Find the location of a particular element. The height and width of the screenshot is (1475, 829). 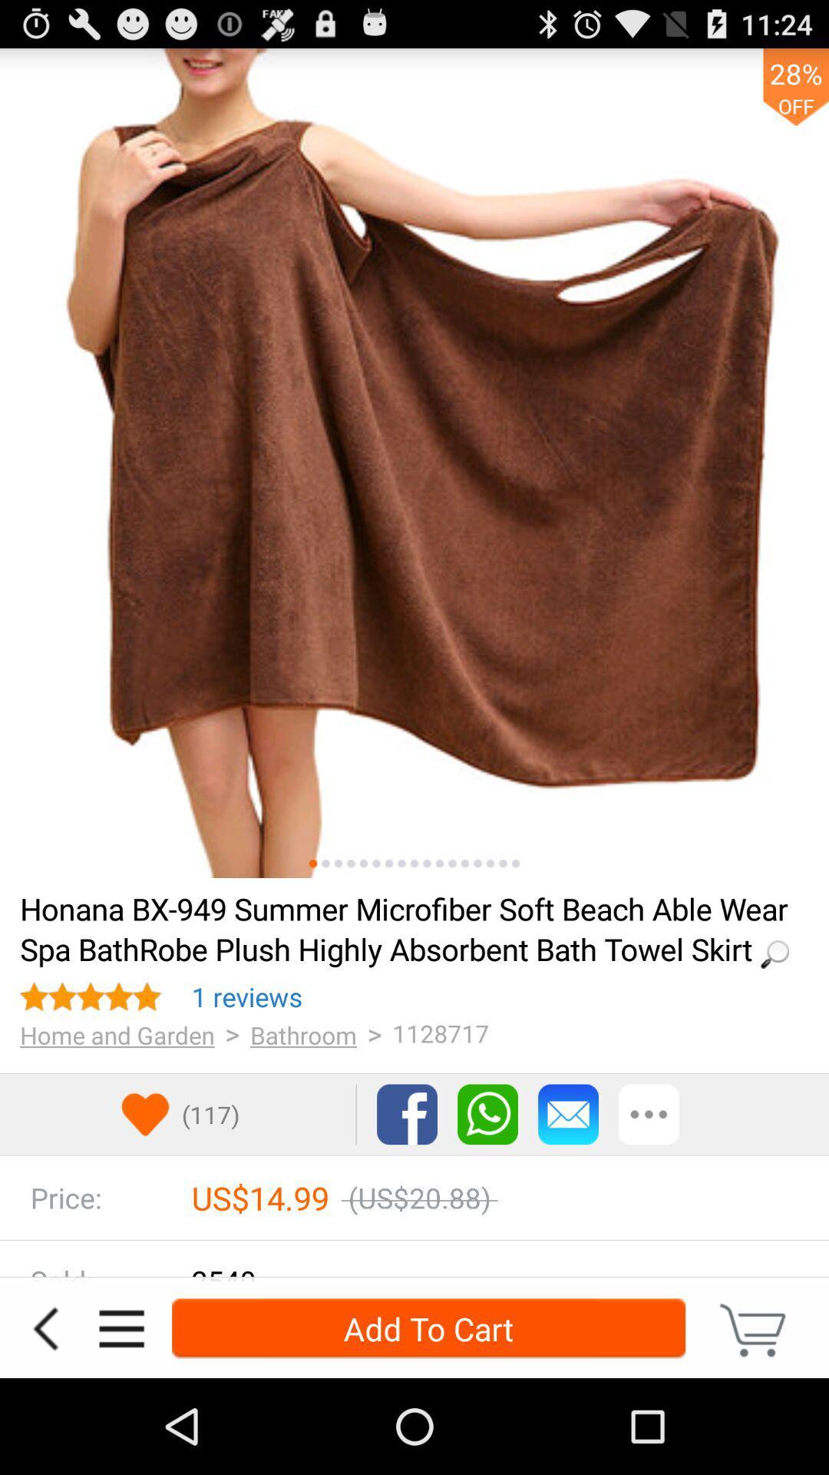

picture is located at coordinates (477, 863).